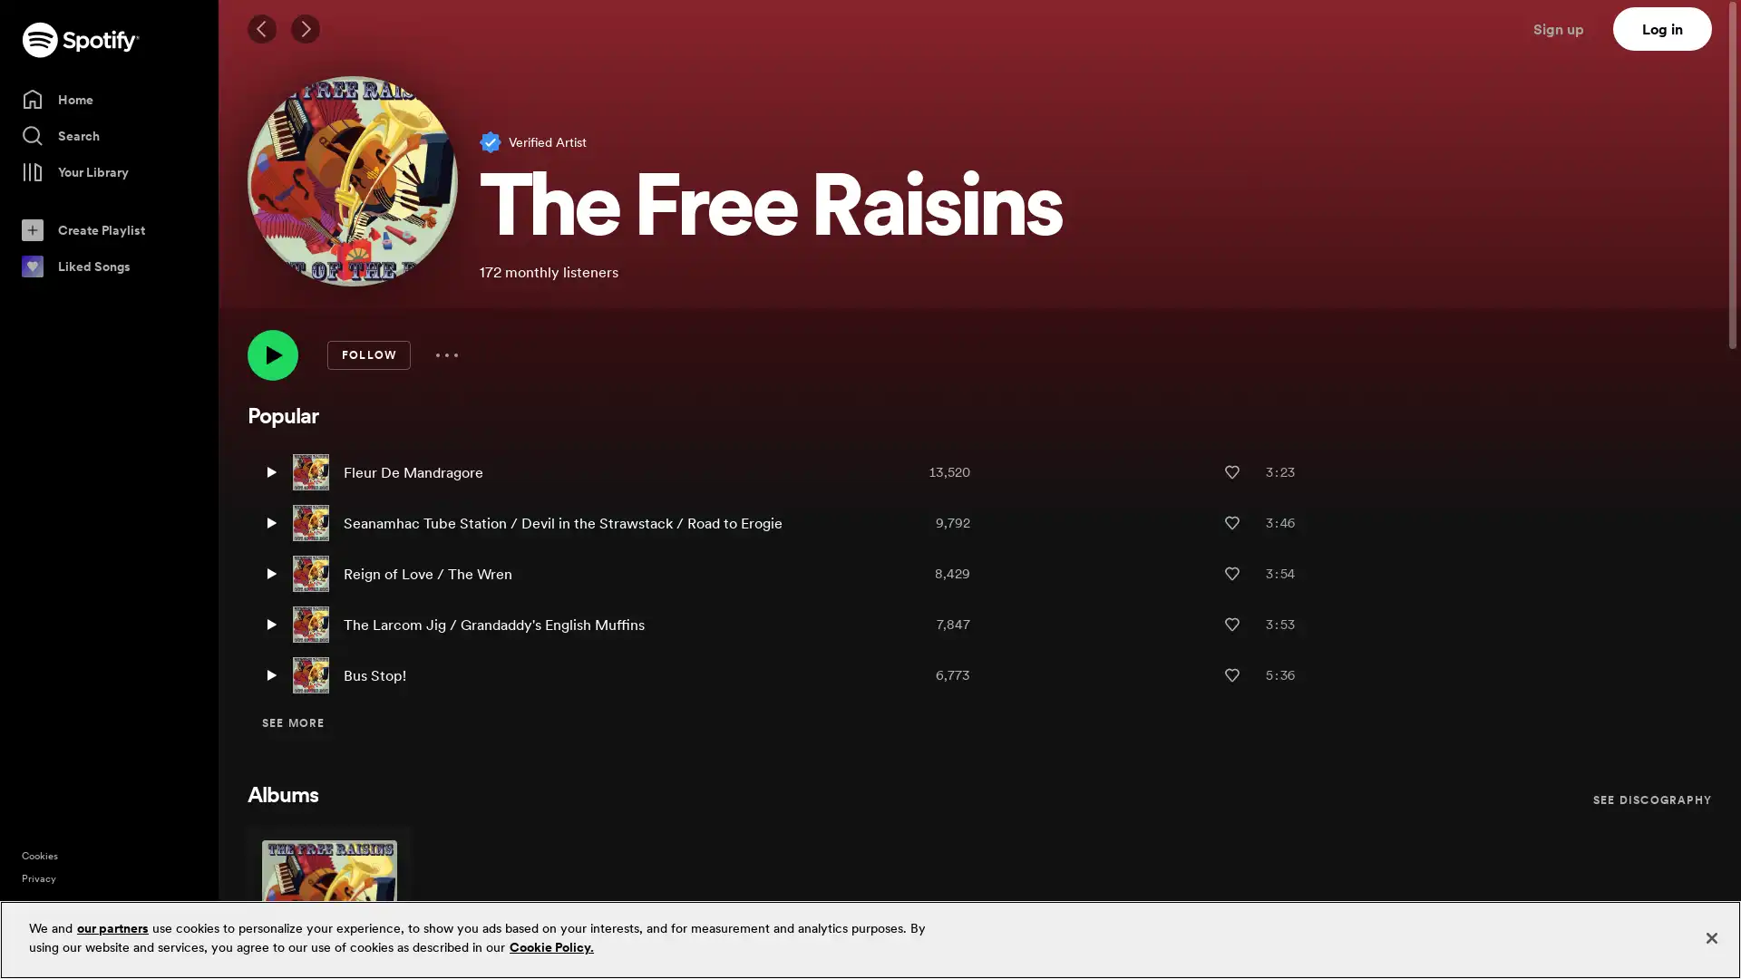  Describe the element at coordinates (269, 674) in the screenshot. I see `Play Bus Stop! by The Free Raisins` at that location.